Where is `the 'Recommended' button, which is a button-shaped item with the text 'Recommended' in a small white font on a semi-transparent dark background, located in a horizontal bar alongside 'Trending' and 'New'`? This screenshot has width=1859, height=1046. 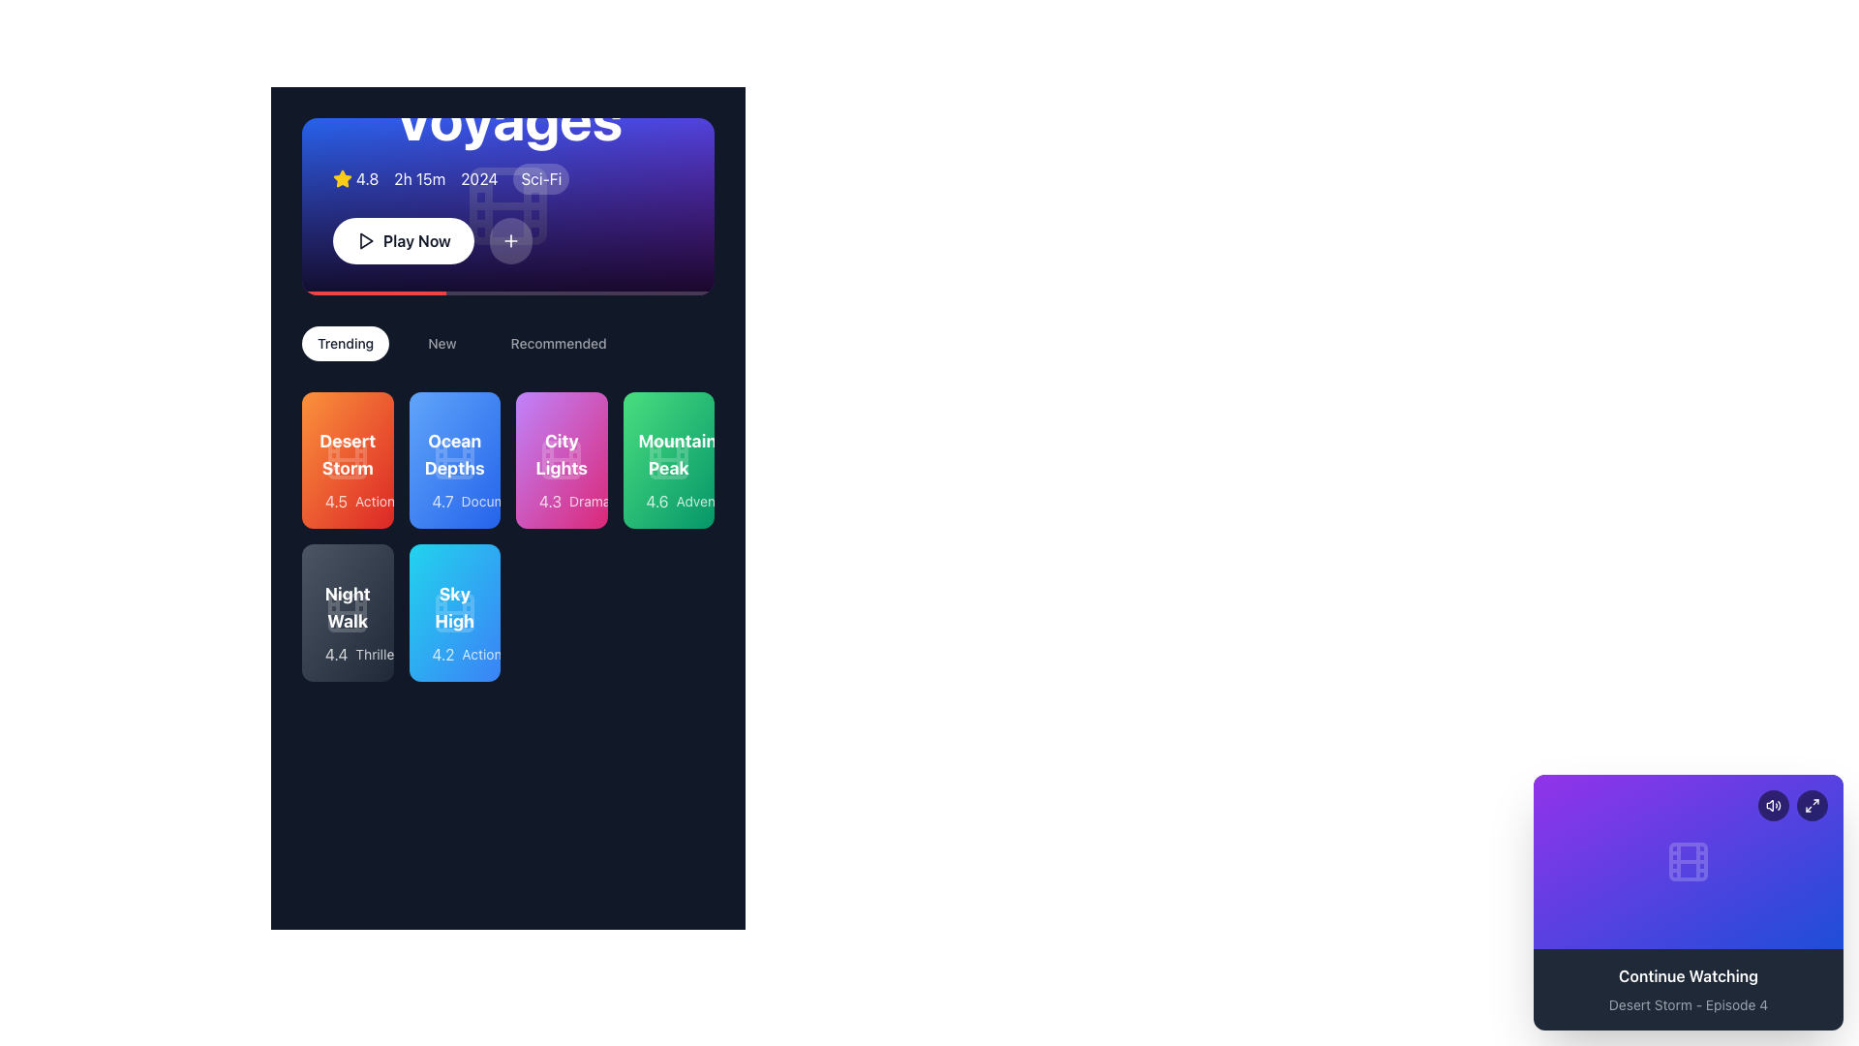
the 'Recommended' button, which is a button-shaped item with the text 'Recommended' in a small white font on a semi-transparent dark background, located in a horizontal bar alongside 'Trending' and 'New' is located at coordinates (558, 342).